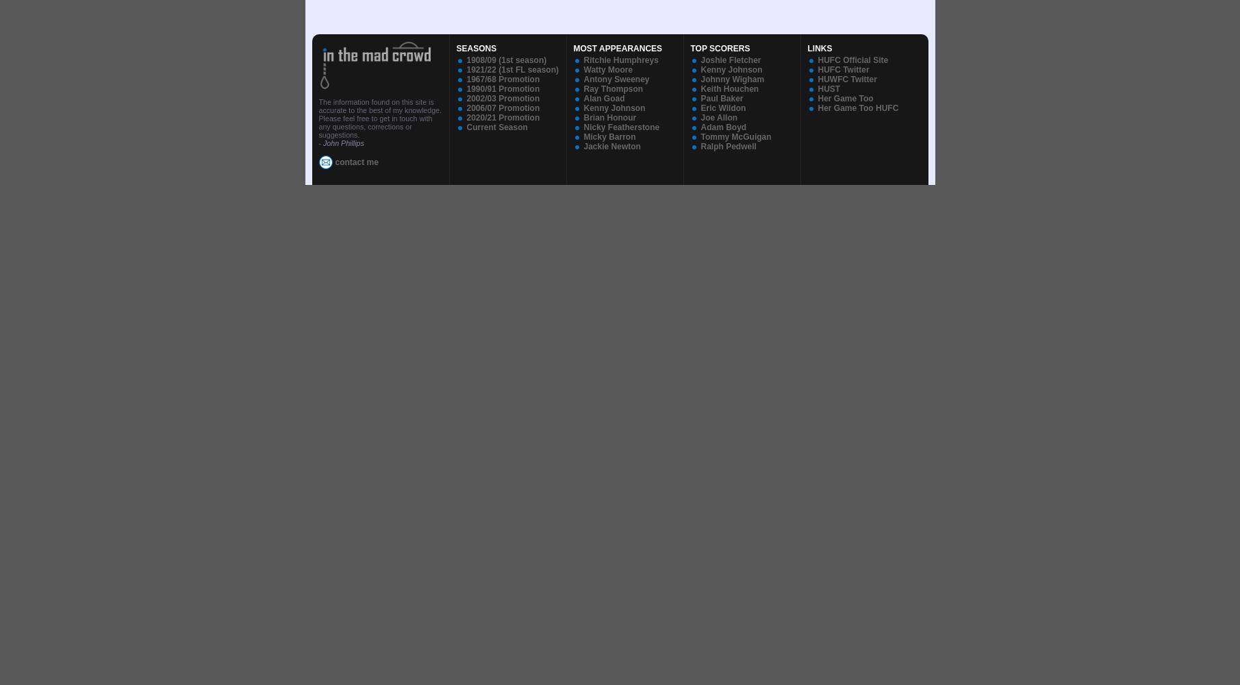 The width and height of the screenshot is (1240, 685). Describe the element at coordinates (466, 99) in the screenshot. I see `'2002/03 Promotion'` at that location.